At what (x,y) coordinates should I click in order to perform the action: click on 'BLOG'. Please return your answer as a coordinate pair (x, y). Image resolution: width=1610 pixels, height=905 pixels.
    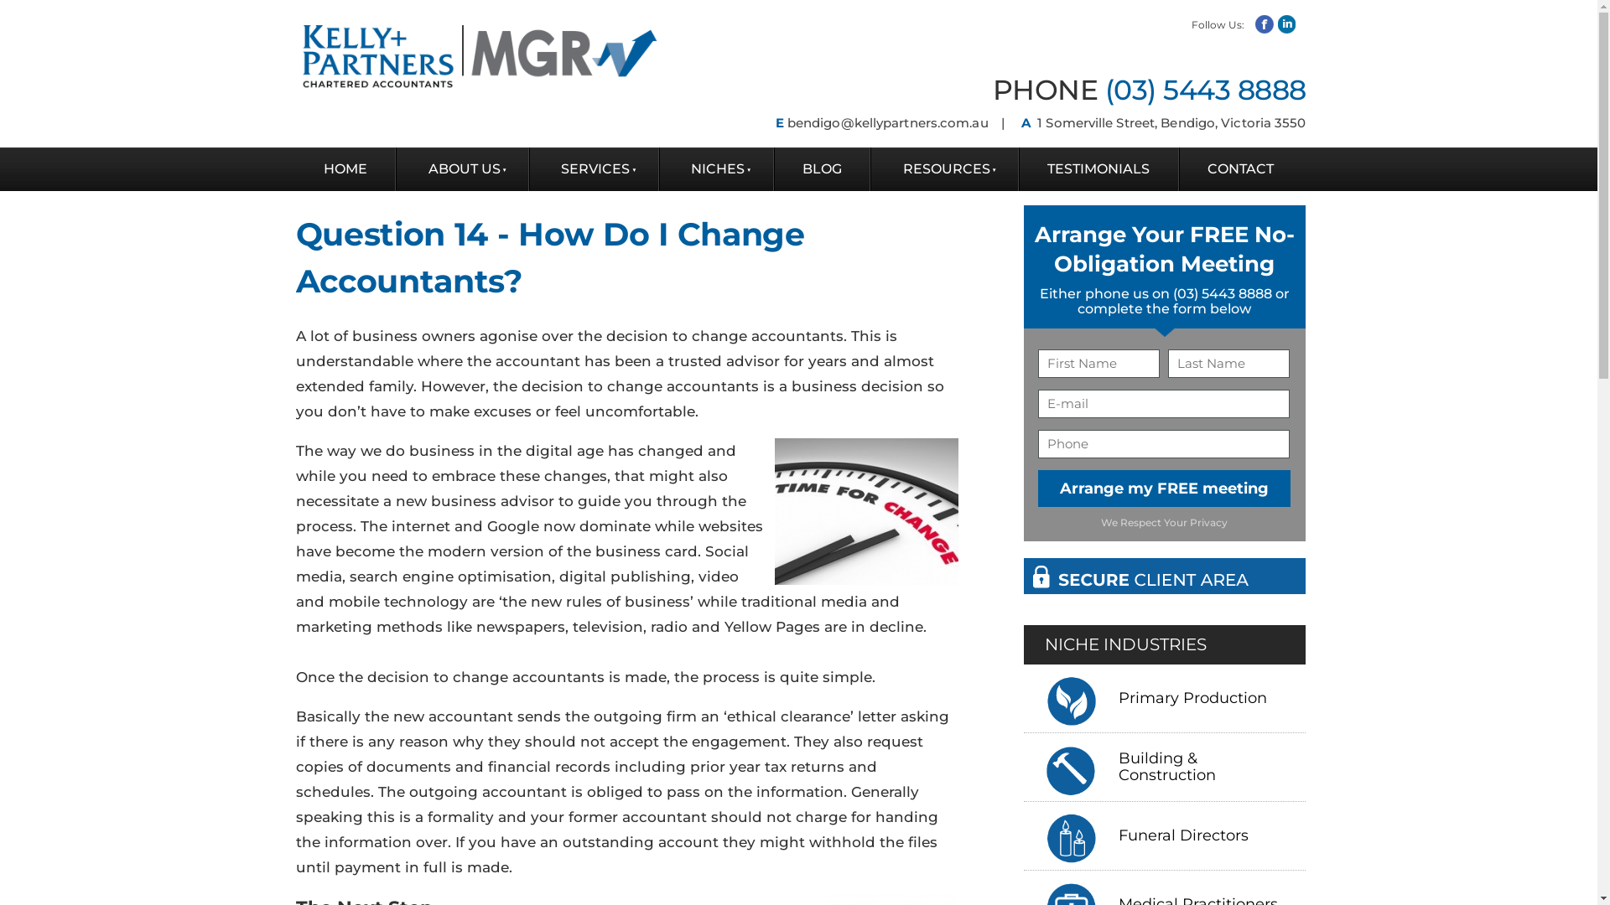
    Looking at the image, I should click on (822, 168).